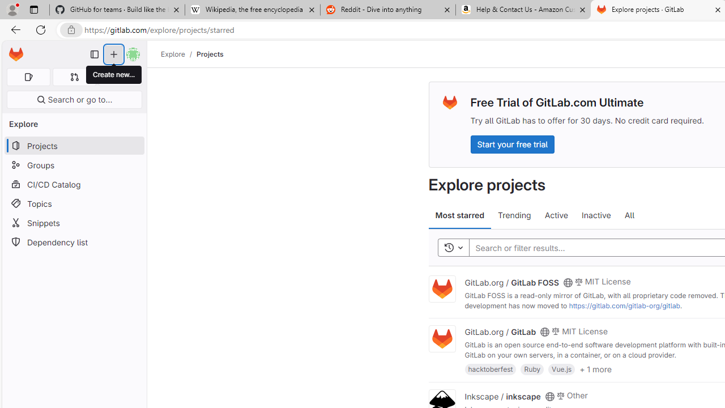  What do you see at coordinates (453, 247) in the screenshot?
I see `'Toggle history'` at bounding box center [453, 247].